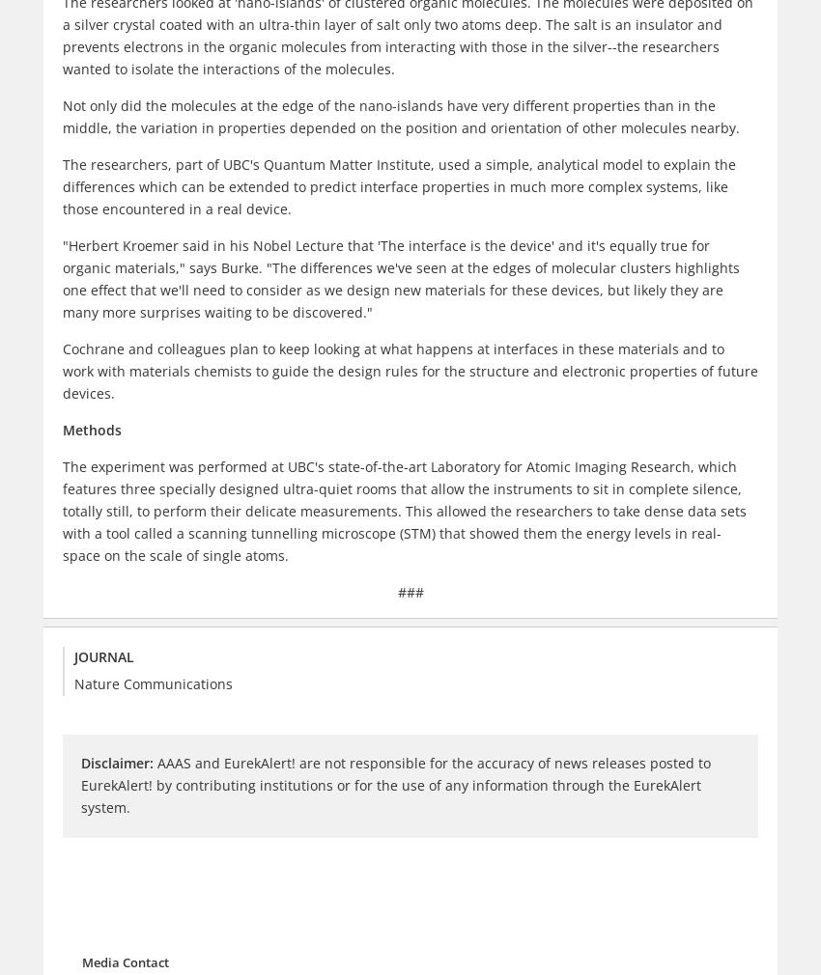 This screenshot has height=975, width=821. I want to click on 'The researchers, part of UBC's Quantum Matter Institute, used a simple, analytical model to explain the differences which can be extended to predict interface properties in much more complex systems, like those encountered in a real device.', so click(399, 184).